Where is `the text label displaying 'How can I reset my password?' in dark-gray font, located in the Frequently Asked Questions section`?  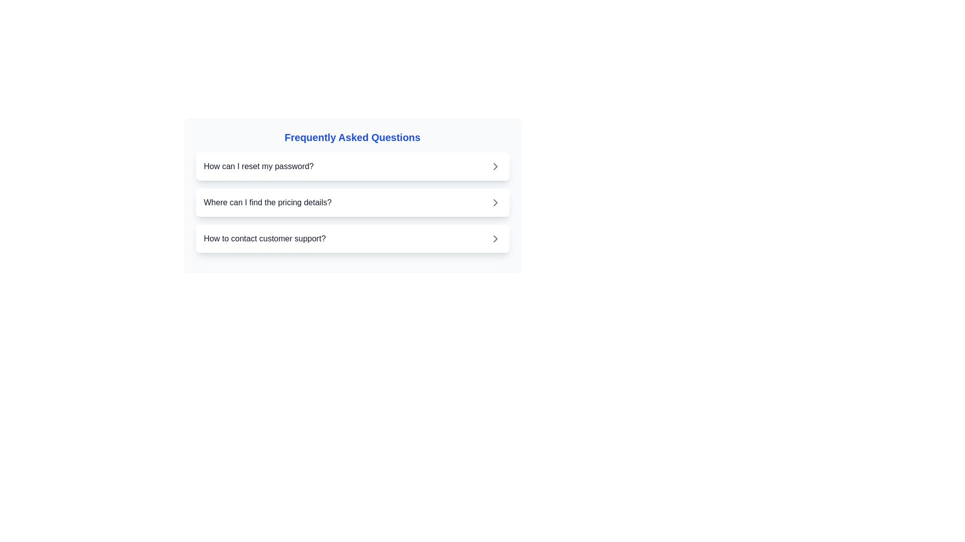
the text label displaying 'How can I reset my password?' in dark-gray font, located in the Frequently Asked Questions section is located at coordinates (258, 166).